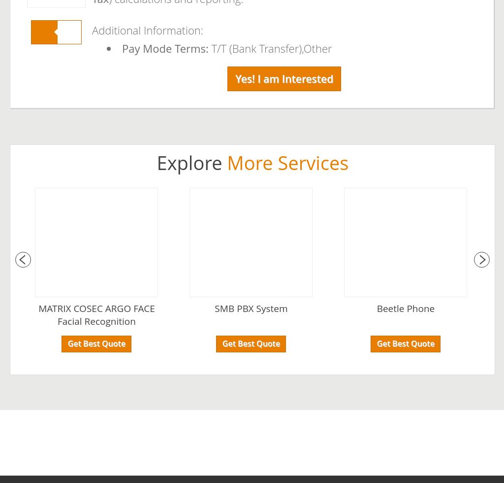 This screenshot has width=504, height=483. I want to click on 'T/T (Bank Transfer),Other', so click(211, 48).